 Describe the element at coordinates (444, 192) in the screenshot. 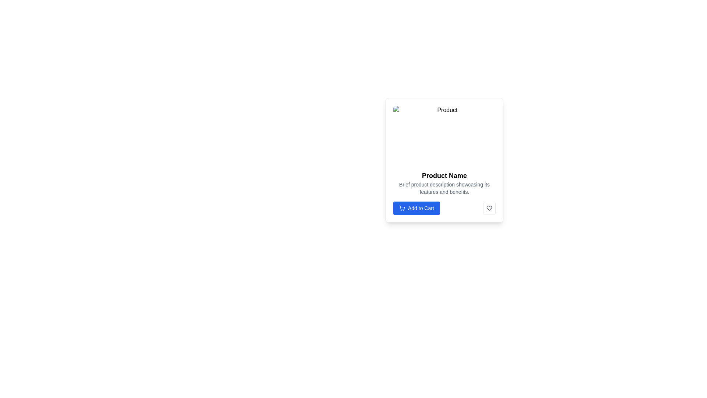

I see `the text block that provides product details in the e-commerce card layout, located centrally below the product image and above the 'Add to Cart' button` at that location.